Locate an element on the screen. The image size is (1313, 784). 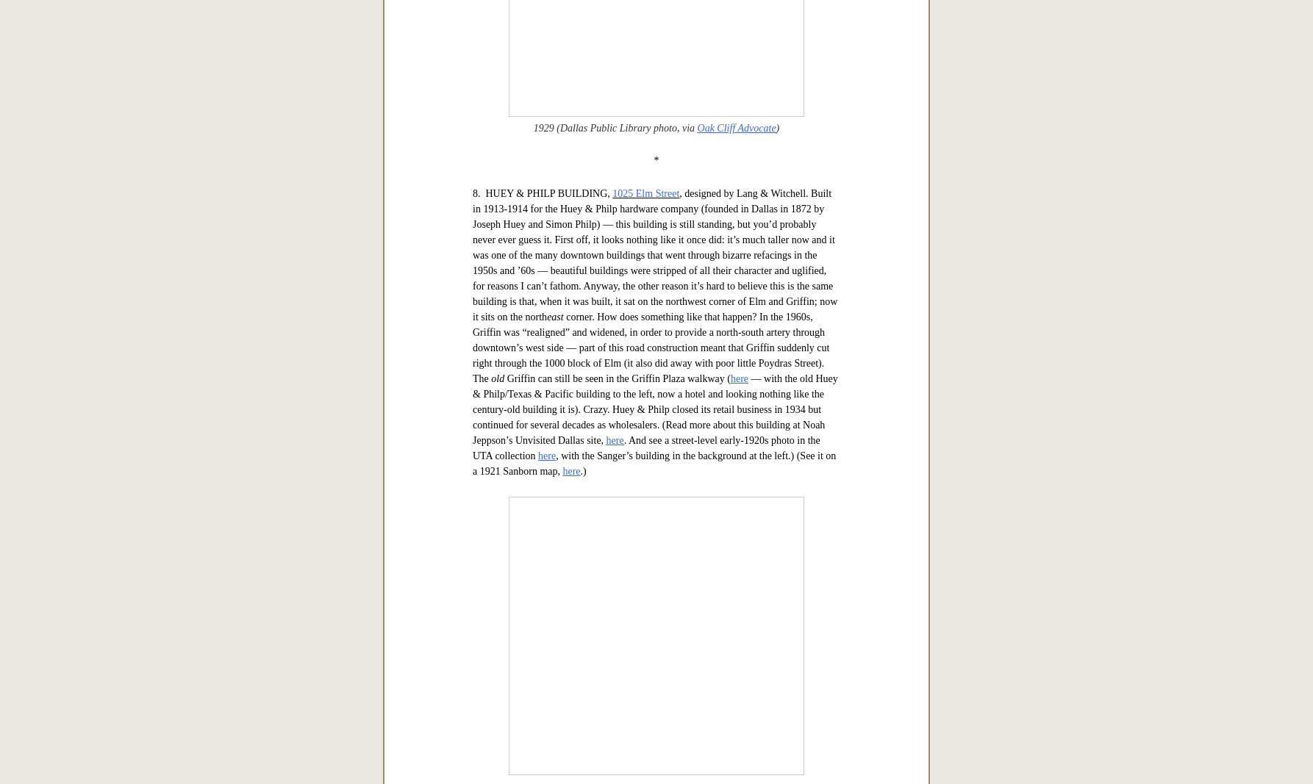
'1025 Elm Street' is located at coordinates (645, 655).